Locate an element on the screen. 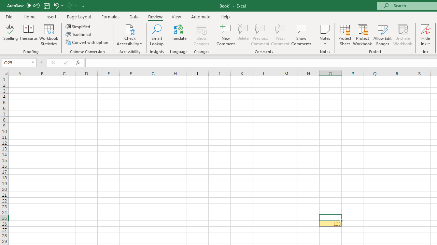  'Unshare Workbook' is located at coordinates (403, 35).